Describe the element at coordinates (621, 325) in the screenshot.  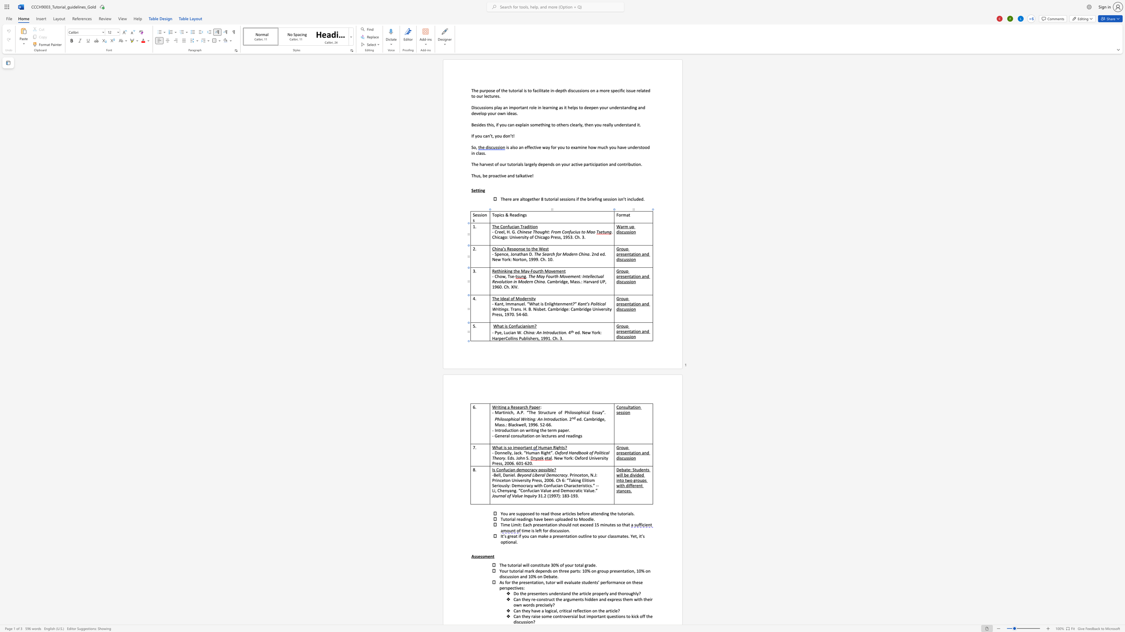
I see `the space between the continuous character "r" and "o" in the text` at that location.